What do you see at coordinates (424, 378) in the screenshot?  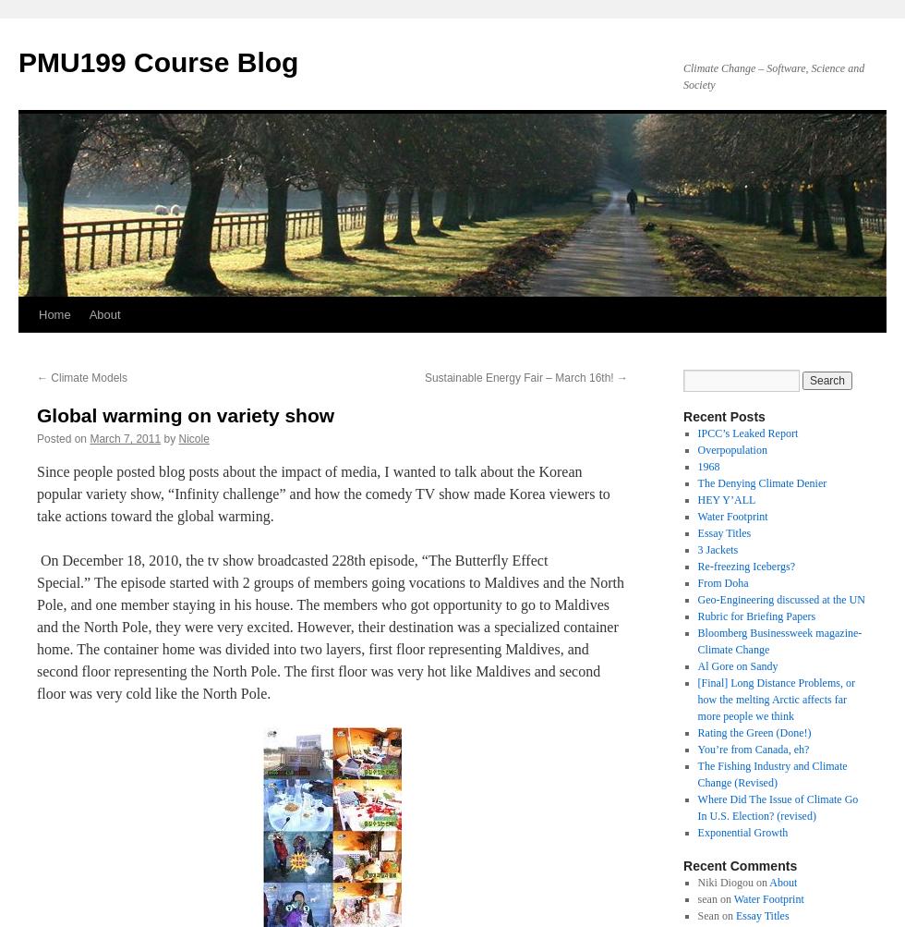 I see `'Sustainable Energy Fair – March 16th!'` at bounding box center [424, 378].